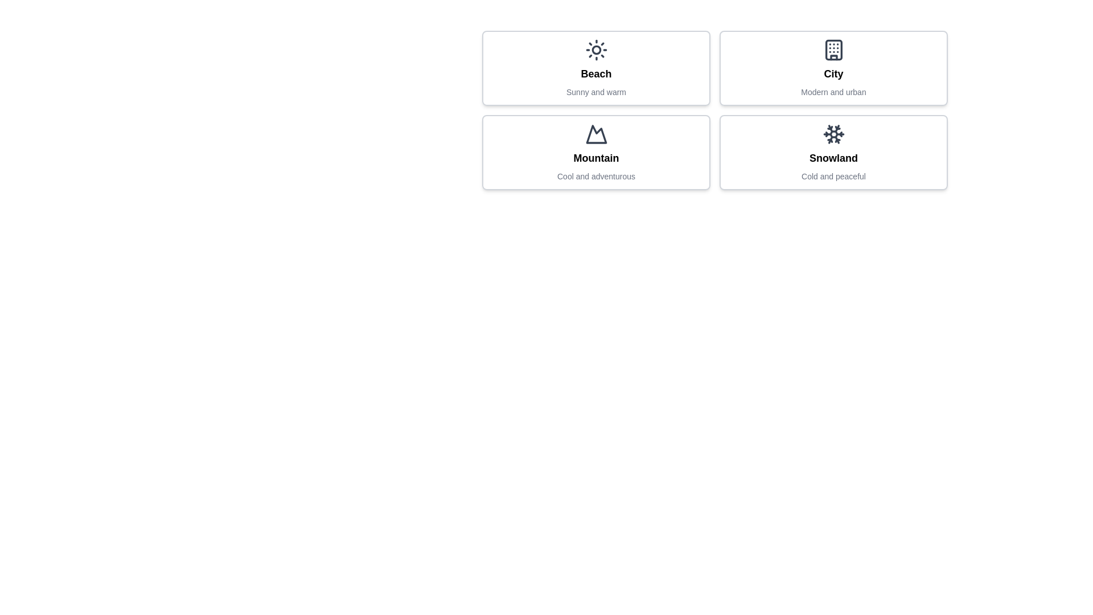 This screenshot has height=615, width=1093. I want to click on text label that says 'Cold and peaceful,' located beneath the 'Snowland' title within a bordered card, so click(833, 176).